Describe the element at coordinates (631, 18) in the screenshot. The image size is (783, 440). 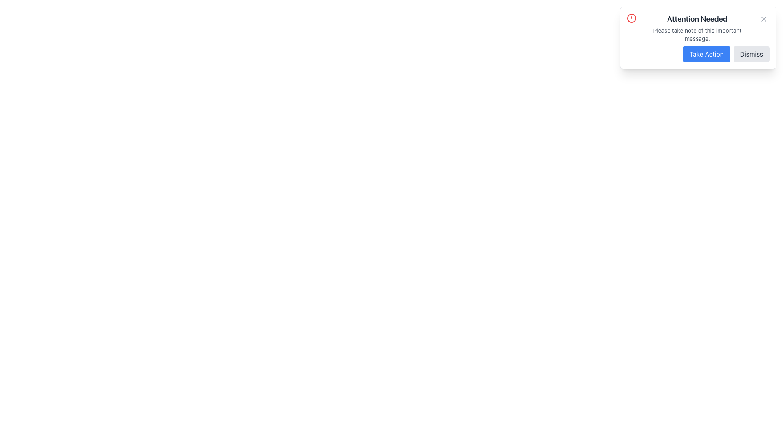
I see `the red circular graphical shape that is part of the alert icon located at the top-right corner of the interface` at that location.